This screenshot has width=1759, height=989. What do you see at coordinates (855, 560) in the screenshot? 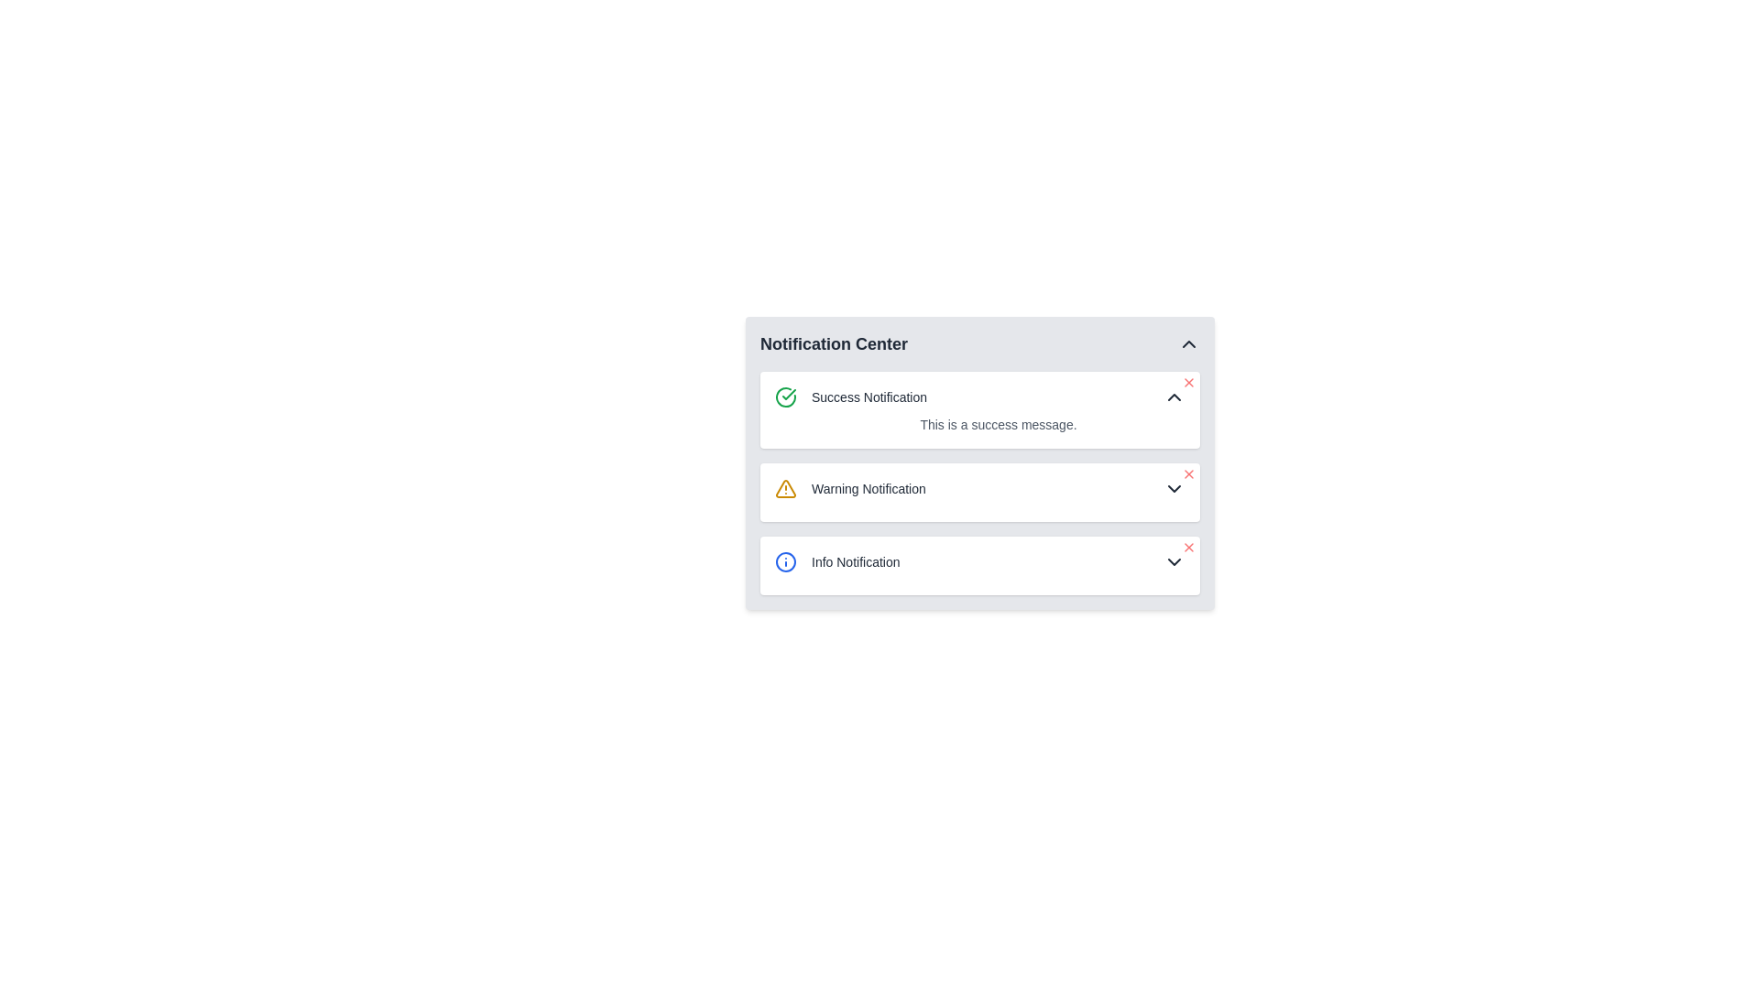
I see `the 'Info Notification' text label, which is styled in gray with medium font weight and small size, located in the notification center interface` at bounding box center [855, 560].